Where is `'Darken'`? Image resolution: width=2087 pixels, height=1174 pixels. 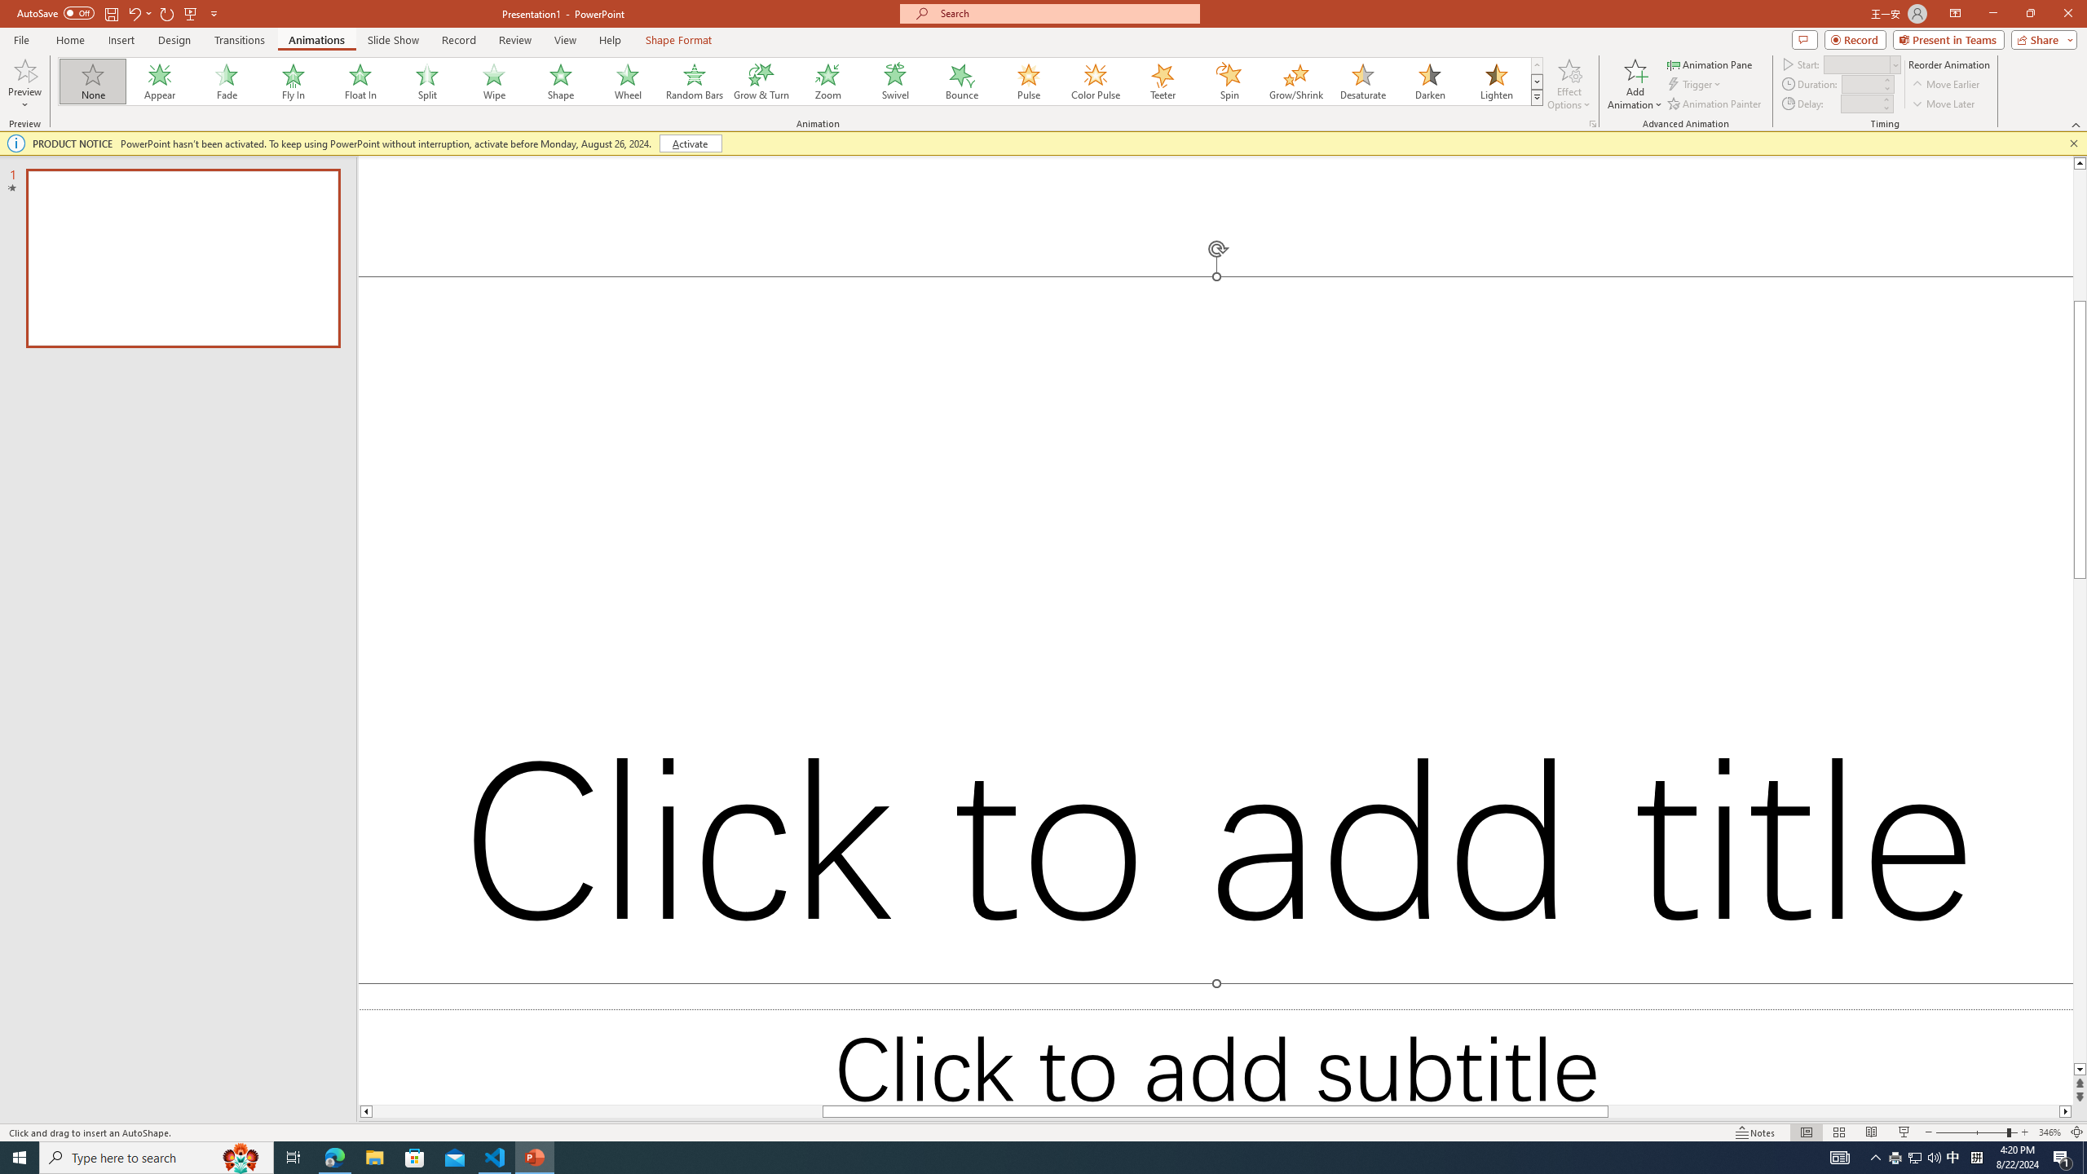 'Darken' is located at coordinates (1428, 81).